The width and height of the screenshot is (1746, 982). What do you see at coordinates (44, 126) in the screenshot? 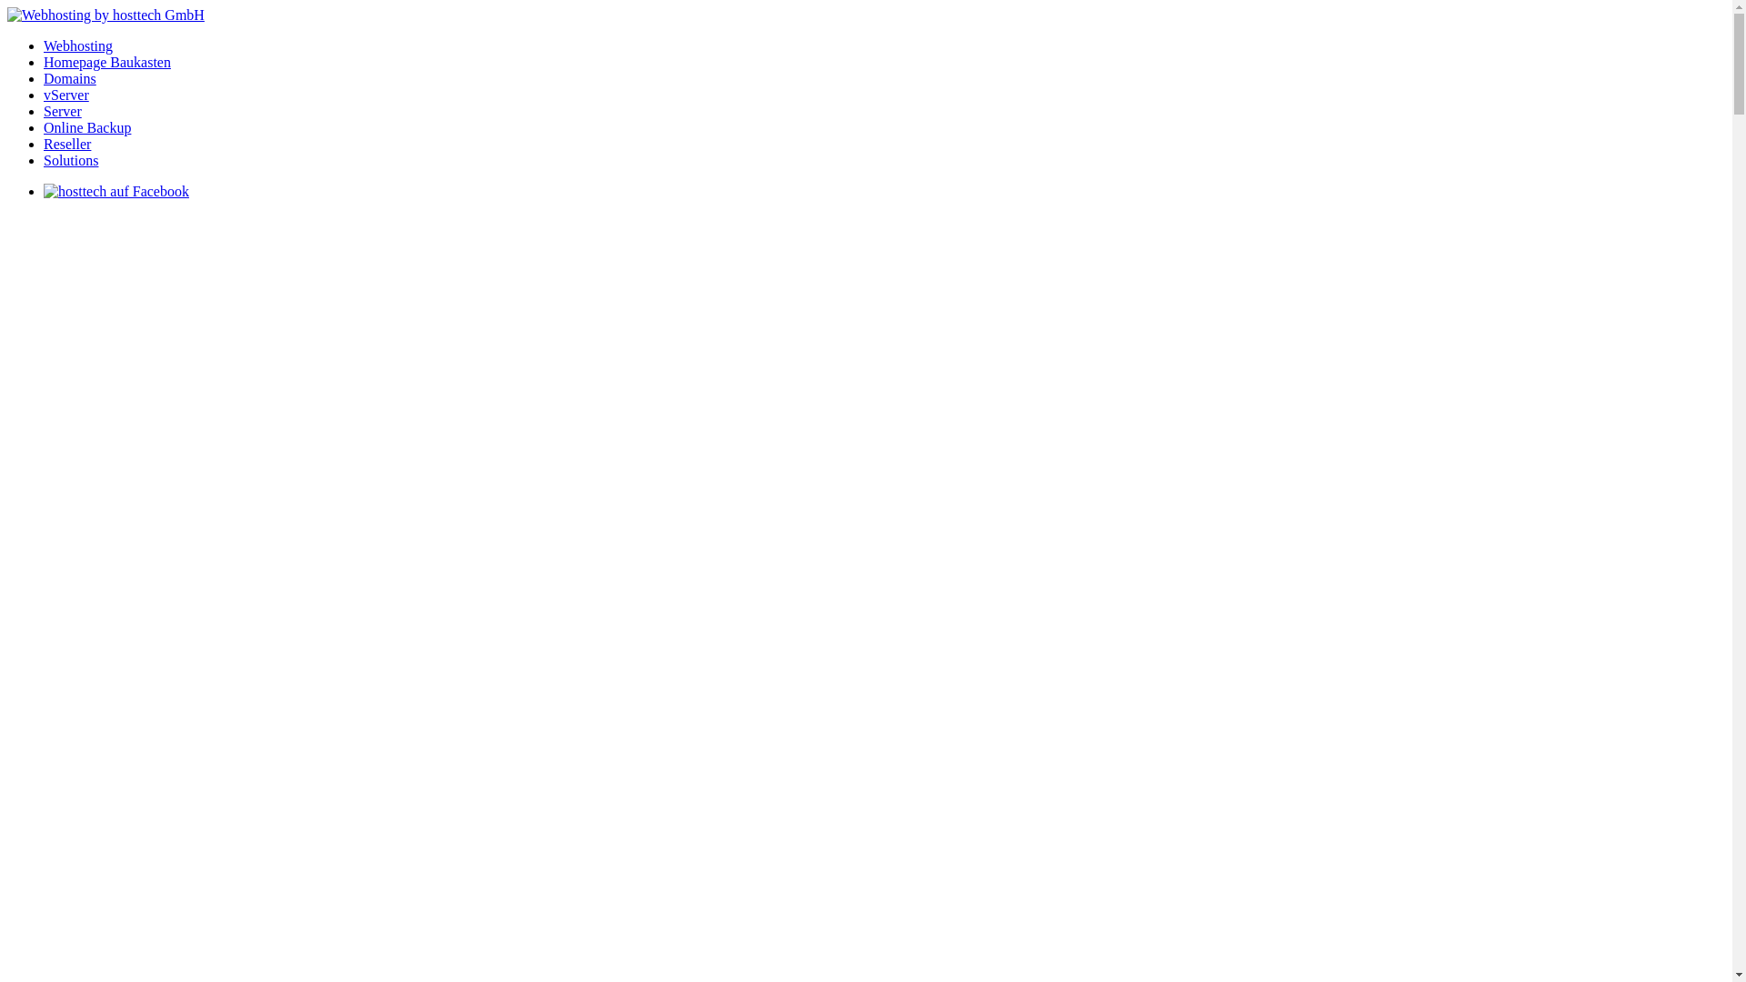
I see `'Online Backup'` at bounding box center [44, 126].